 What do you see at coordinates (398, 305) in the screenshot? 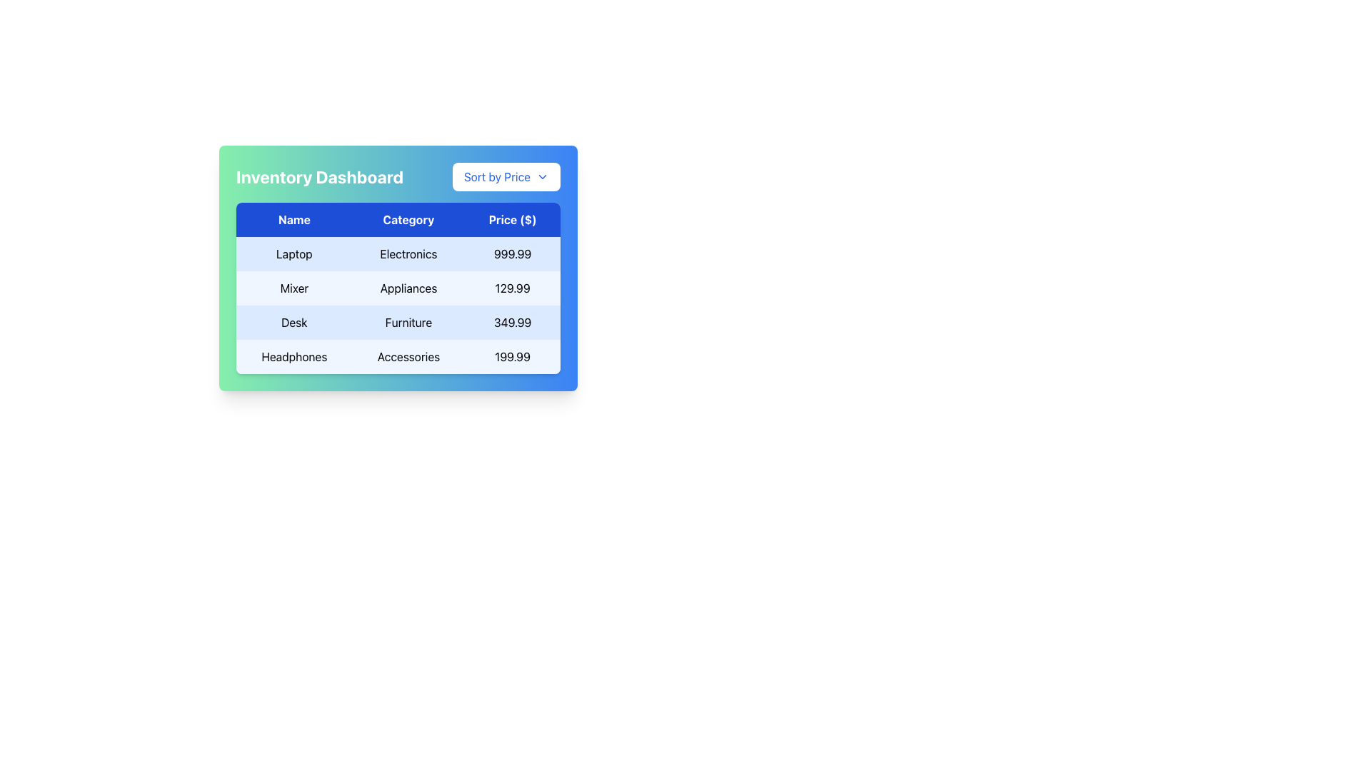
I see `the second row in the product table, which summarizes the product's name, category, and price` at bounding box center [398, 305].